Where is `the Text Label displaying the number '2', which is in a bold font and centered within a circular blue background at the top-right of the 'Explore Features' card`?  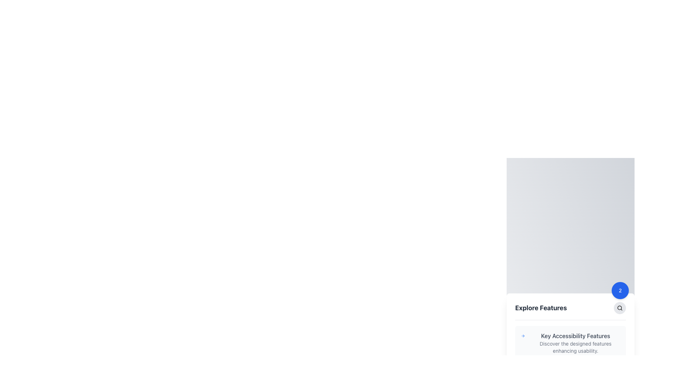 the Text Label displaying the number '2', which is in a bold font and centered within a circular blue background at the top-right of the 'Explore Features' card is located at coordinates (620, 290).